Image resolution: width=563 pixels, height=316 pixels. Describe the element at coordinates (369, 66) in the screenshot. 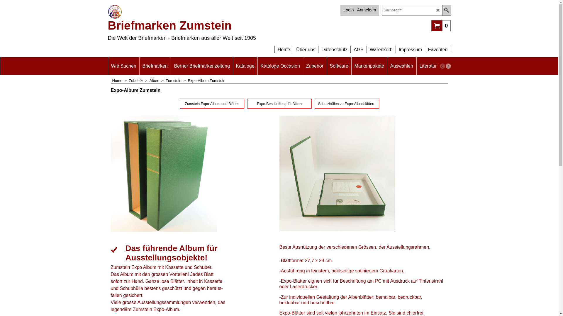

I see `'Markenpakete'` at that location.